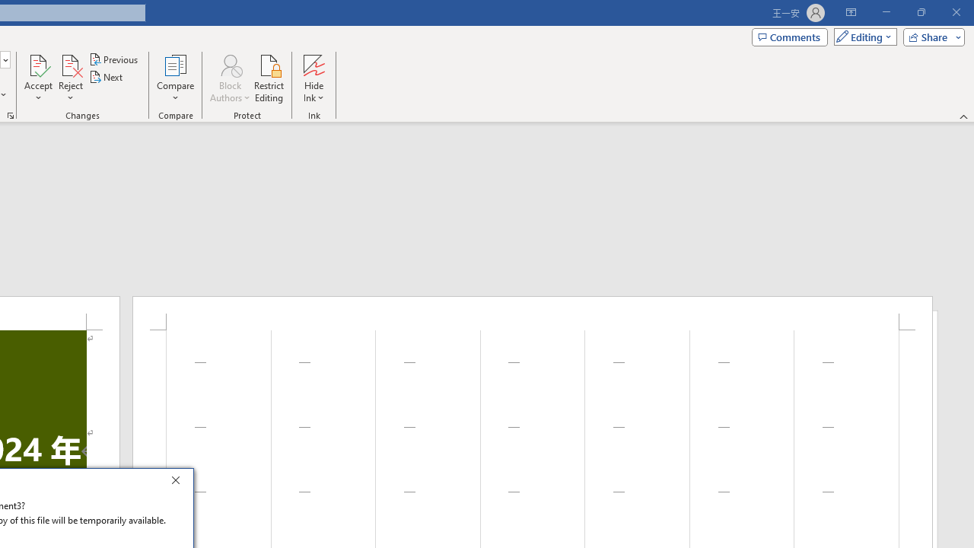  Describe the element at coordinates (862, 36) in the screenshot. I see `'Mode'` at that location.